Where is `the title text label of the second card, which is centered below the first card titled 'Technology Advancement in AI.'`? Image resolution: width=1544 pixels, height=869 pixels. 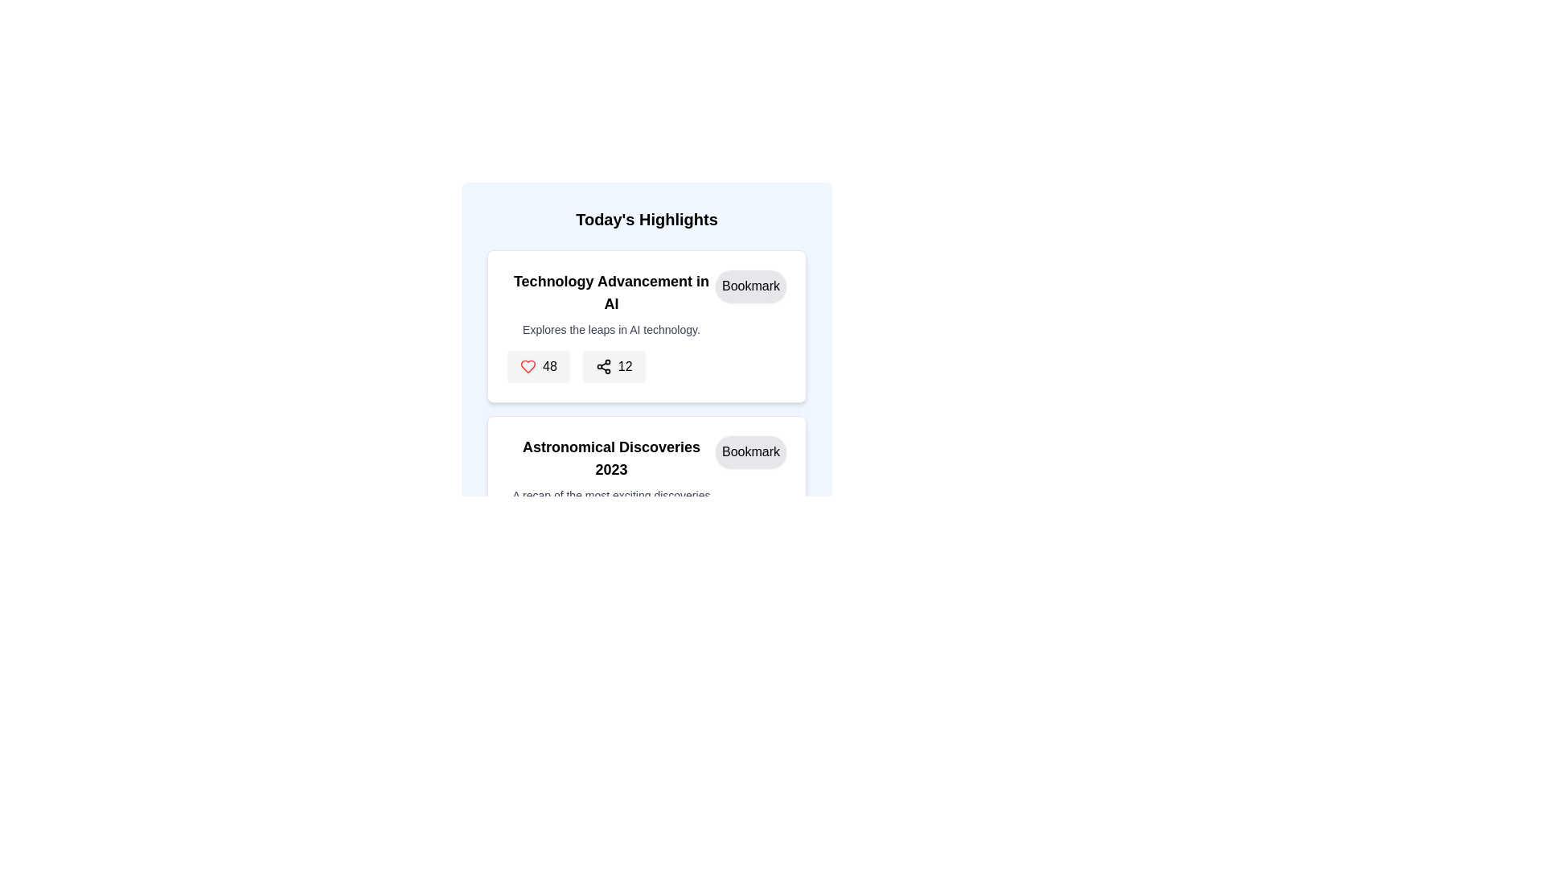 the title text label of the second card, which is centered below the first card titled 'Technology Advancement in AI.' is located at coordinates (610, 459).